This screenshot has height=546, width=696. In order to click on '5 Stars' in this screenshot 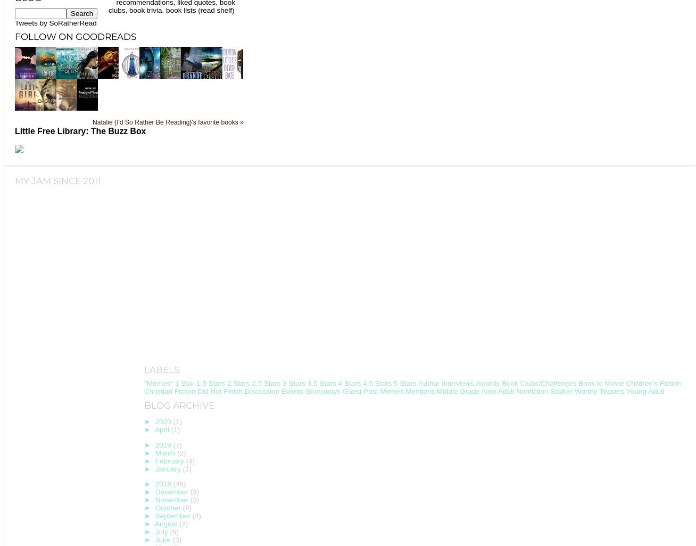, I will do `click(404, 383)`.